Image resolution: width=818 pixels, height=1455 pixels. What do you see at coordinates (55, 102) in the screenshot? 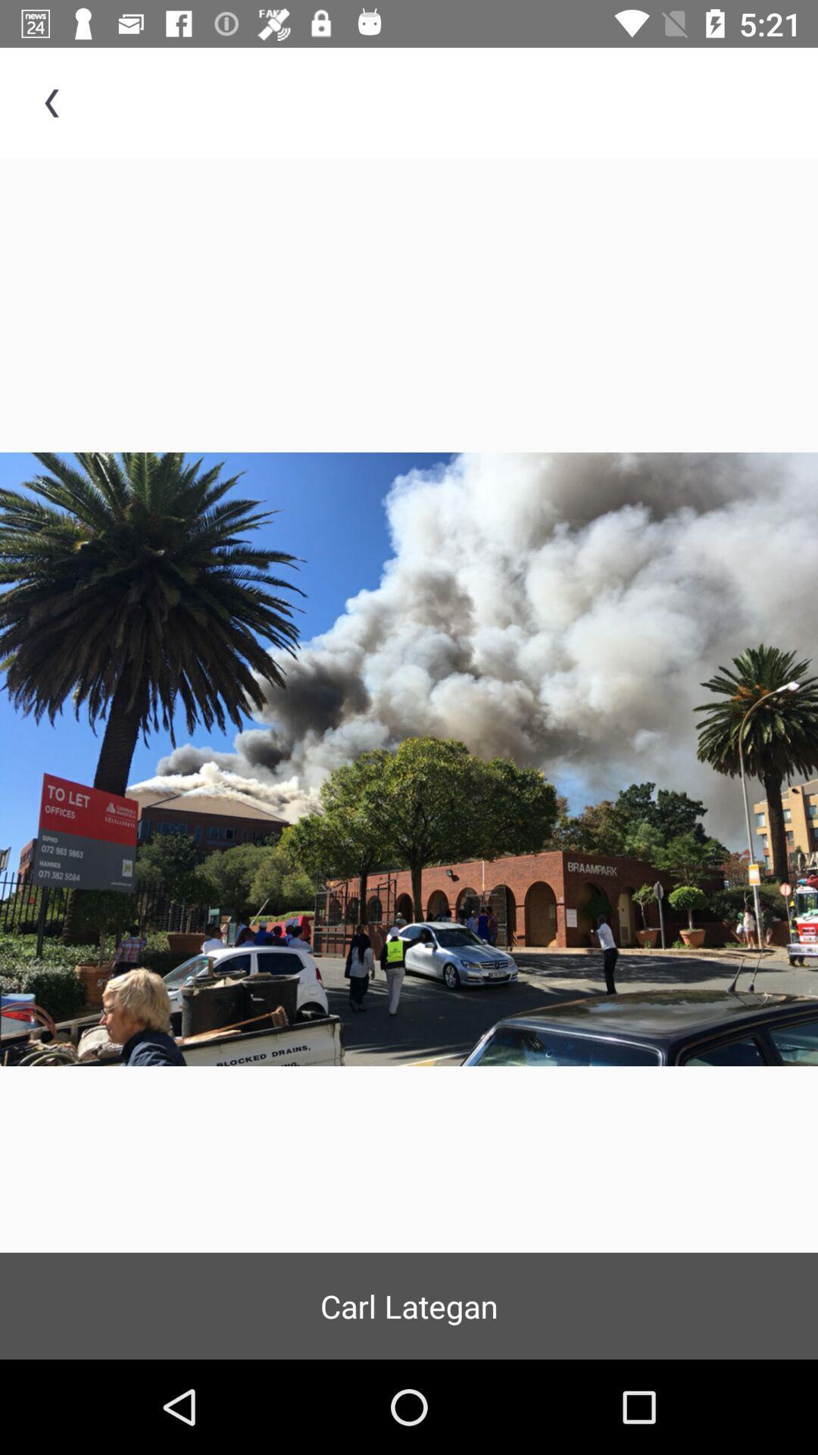
I see `the icon at the top left corner` at bounding box center [55, 102].